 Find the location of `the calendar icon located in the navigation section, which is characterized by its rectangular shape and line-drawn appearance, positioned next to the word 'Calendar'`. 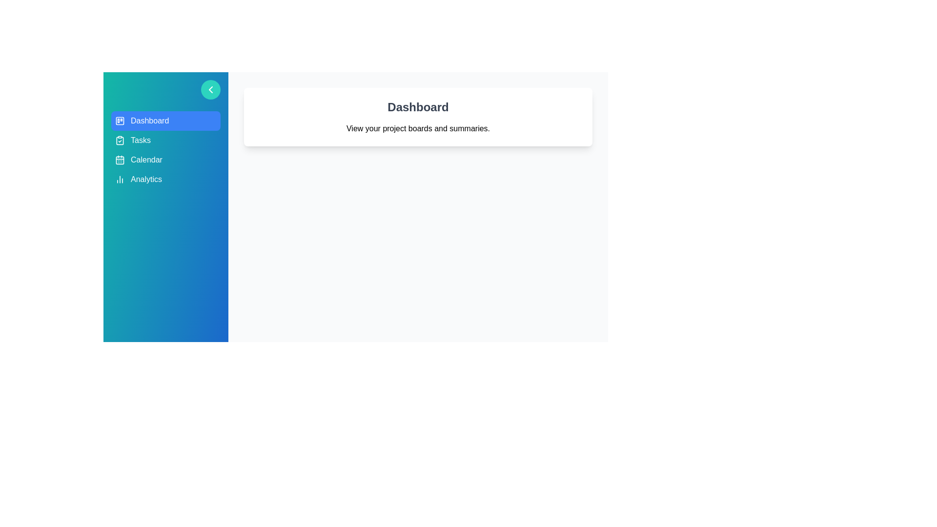

the calendar icon located in the navigation section, which is characterized by its rectangular shape and line-drawn appearance, positioned next to the word 'Calendar' is located at coordinates (119, 159).